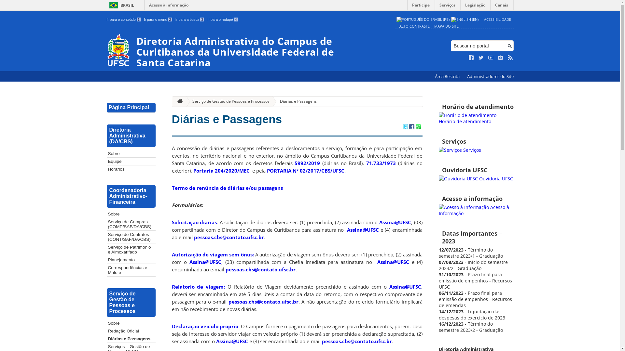  What do you see at coordinates (407, 6) in the screenshot?
I see `'Participe'` at bounding box center [407, 6].